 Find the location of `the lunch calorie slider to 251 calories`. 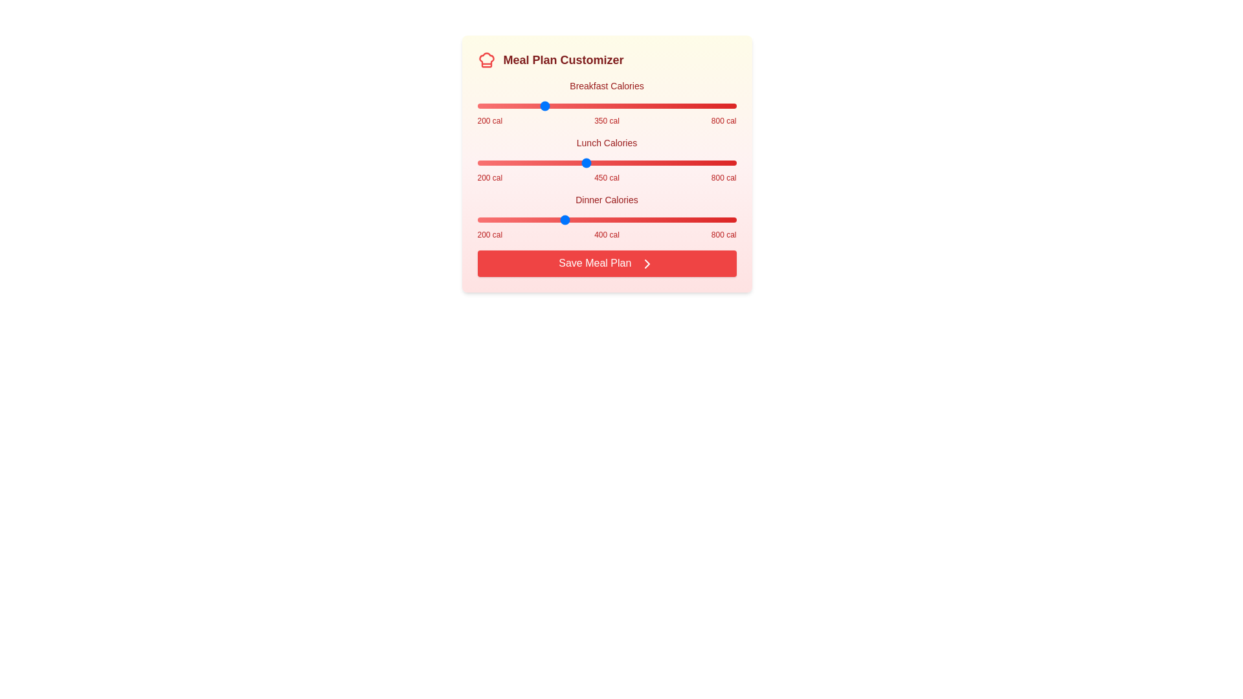

the lunch calorie slider to 251 calories is located at coordinates (498, 162).